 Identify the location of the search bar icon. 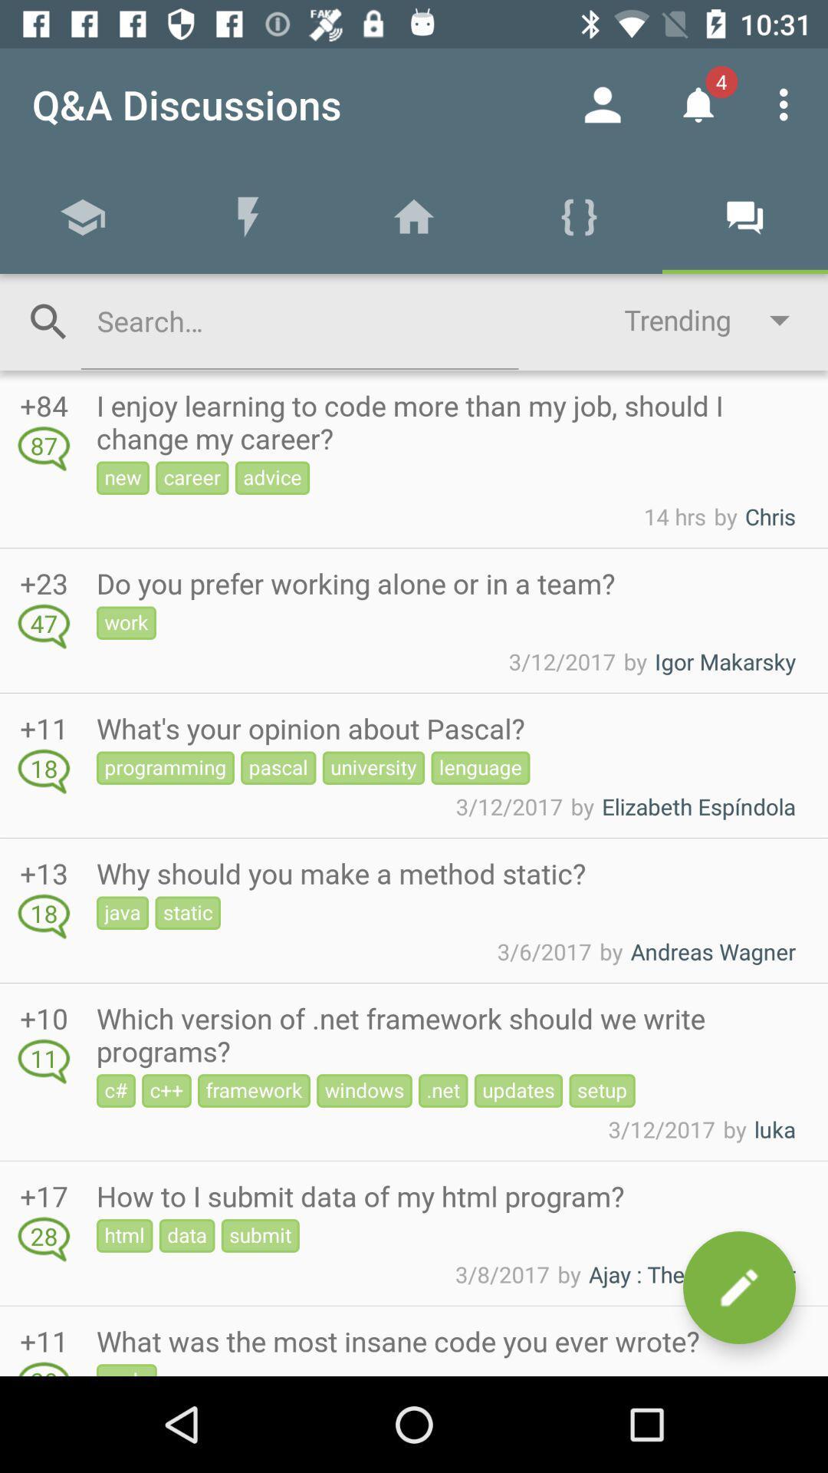
(48, 321).